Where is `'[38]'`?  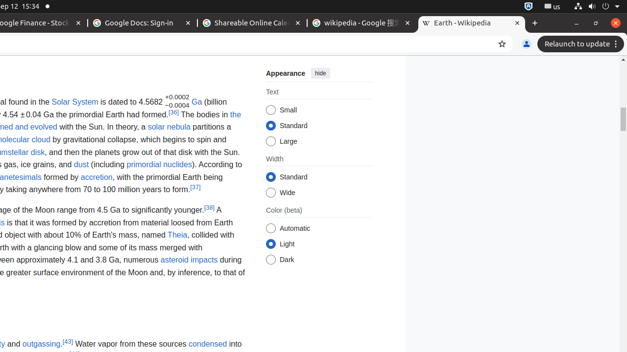 '[38]' is located at coordinates (209, 207).